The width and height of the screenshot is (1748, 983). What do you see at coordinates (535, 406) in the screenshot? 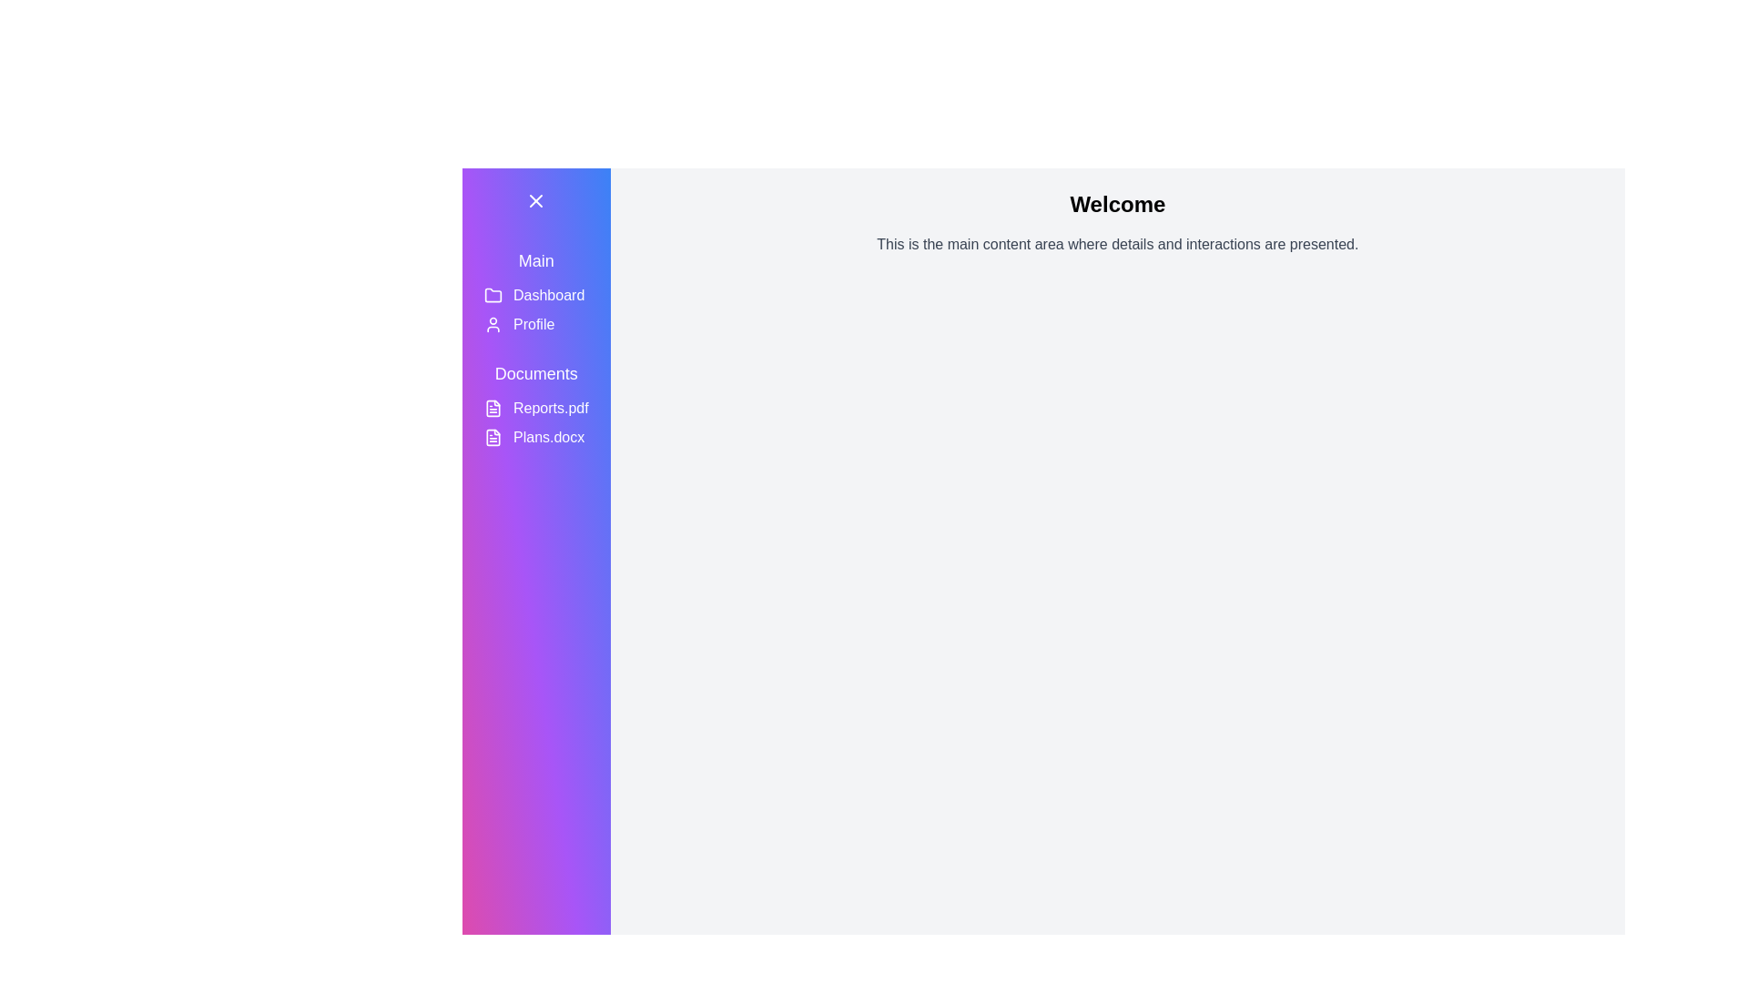
I see `the text label for the file 'Reports.pdf' in the sidebar menu under the 'Documents' section` at bounding box center [535, 406].